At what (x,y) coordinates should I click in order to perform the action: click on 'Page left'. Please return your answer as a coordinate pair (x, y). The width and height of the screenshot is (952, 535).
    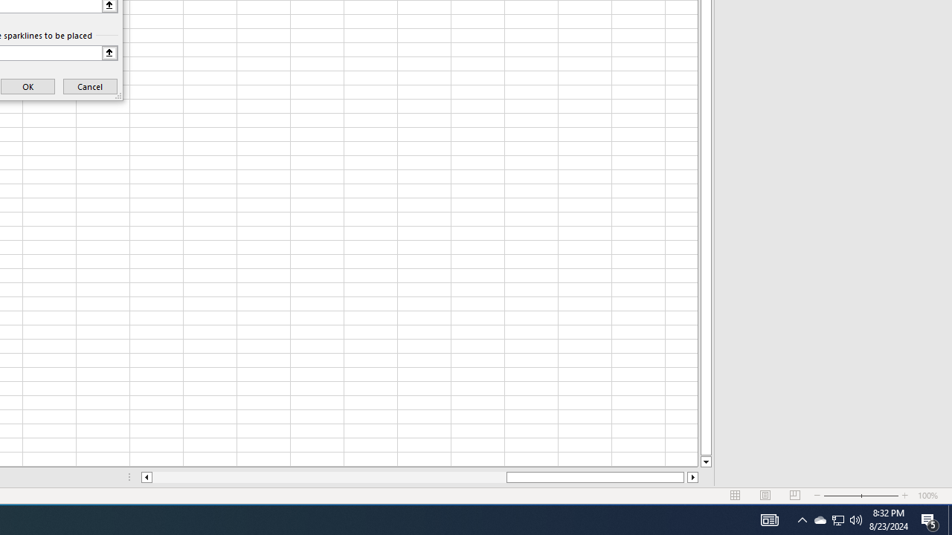
    Looking at the image, I should click on (328, 477).